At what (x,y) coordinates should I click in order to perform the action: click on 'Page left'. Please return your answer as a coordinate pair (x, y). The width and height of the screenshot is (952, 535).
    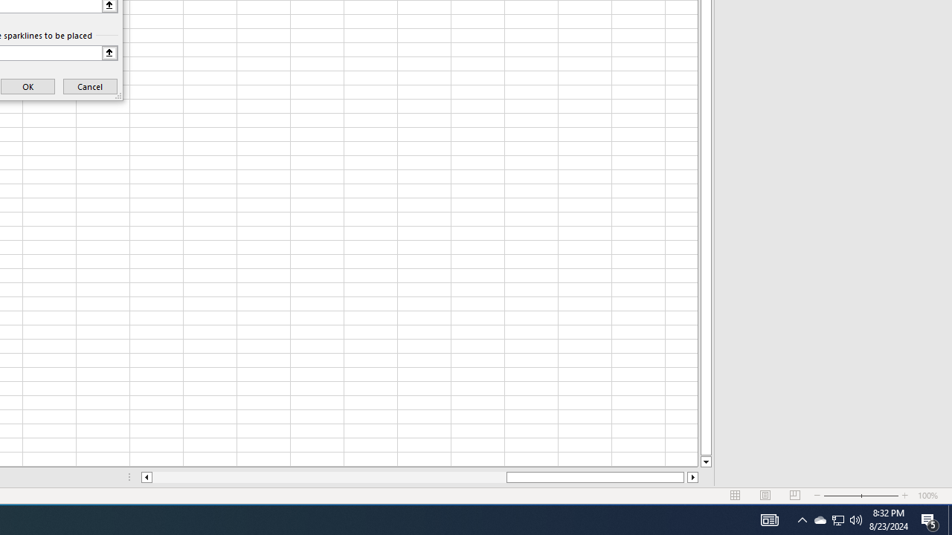
    Looking at the image, I should click on (328, 477).